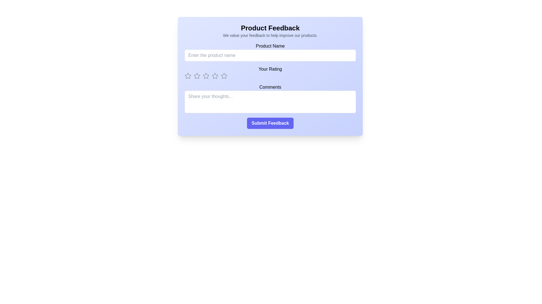 The width and height of the screenshot is (542, 304). Describe the element at coordinates (270, 69) in the screenshot. I see `the text label displaying 'Your Rating', which is styled in medium font size and bold weight, located beneath the 'Product Name' input area and above the star rating icons` at that location.